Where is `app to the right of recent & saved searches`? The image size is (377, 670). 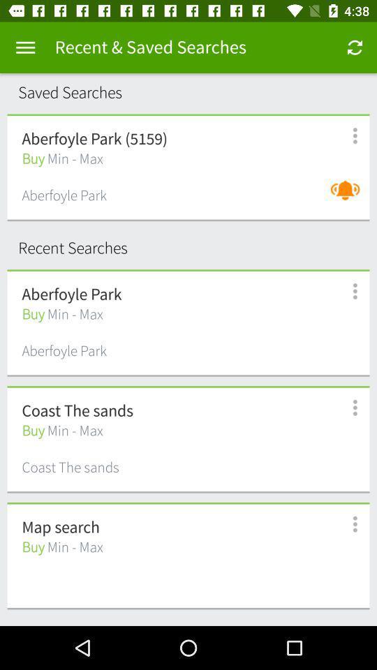 app to the right of recent & saved searches is located at coordinates (355, 47).